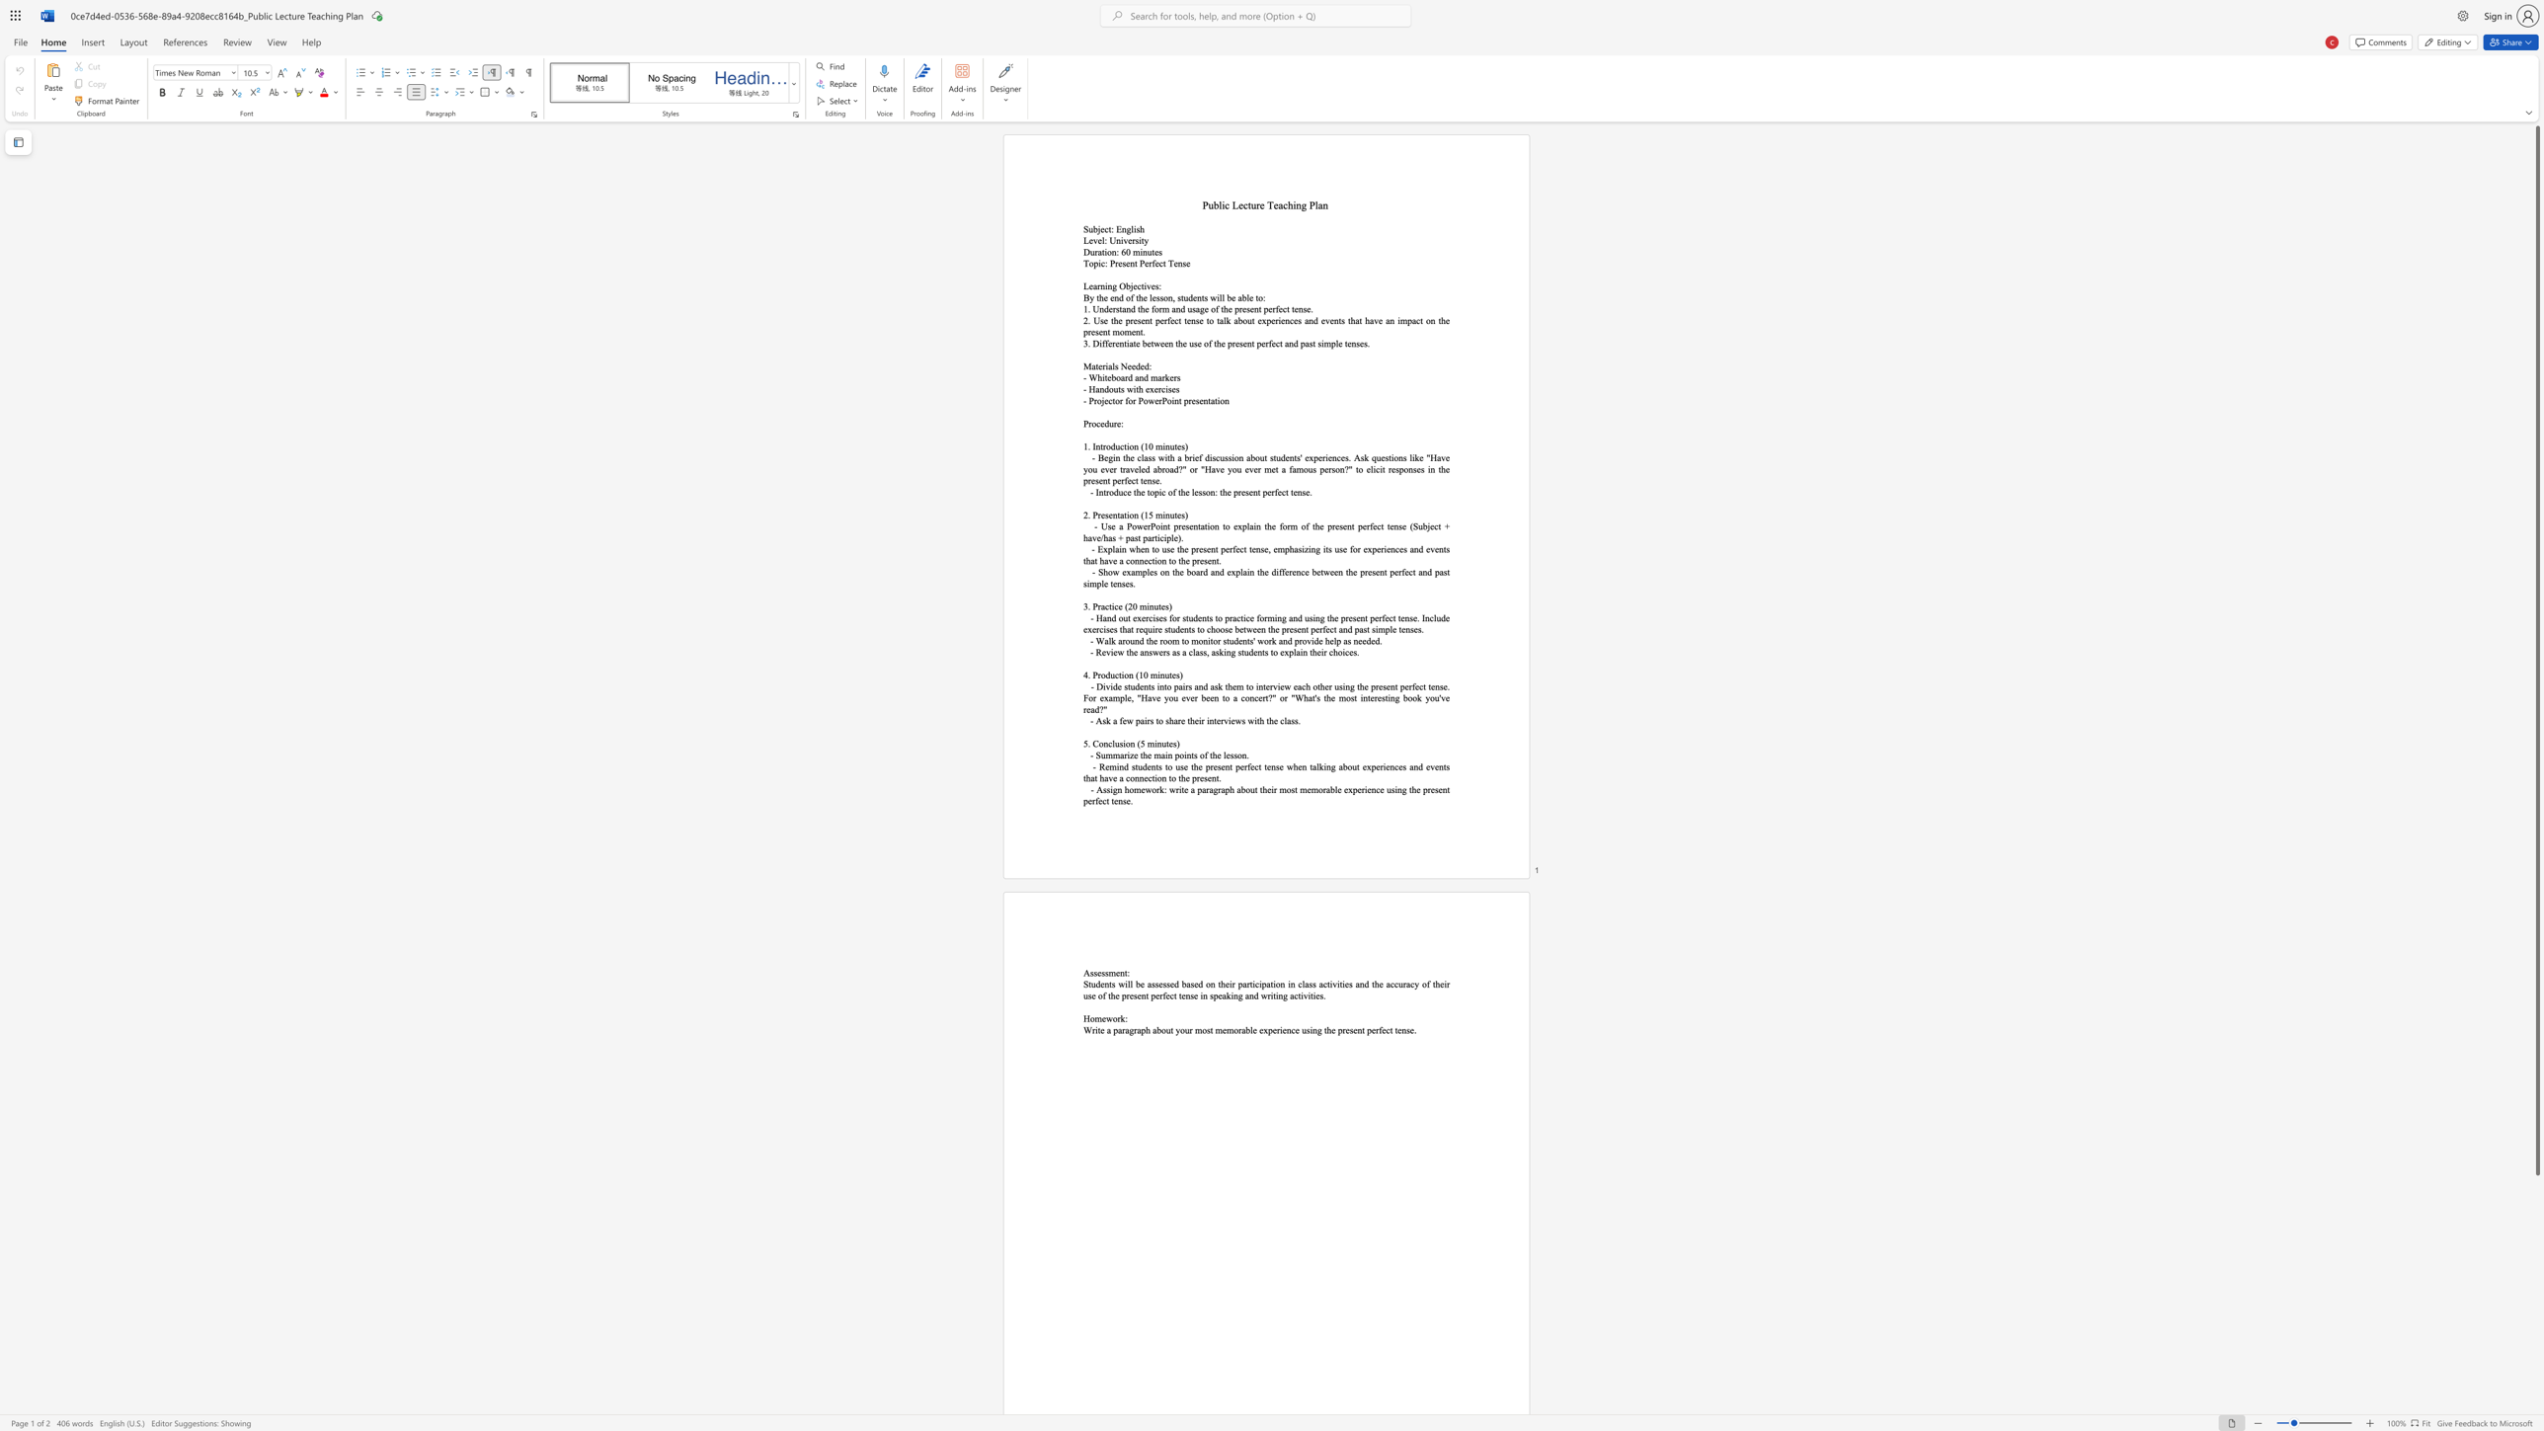 The width and height of the screenshot is (2544, 1431). What do you see at coordinates (1162, 514) in the screenshot?
I see `the 2th character "i" in the text` at bounding box center [1162, 514].